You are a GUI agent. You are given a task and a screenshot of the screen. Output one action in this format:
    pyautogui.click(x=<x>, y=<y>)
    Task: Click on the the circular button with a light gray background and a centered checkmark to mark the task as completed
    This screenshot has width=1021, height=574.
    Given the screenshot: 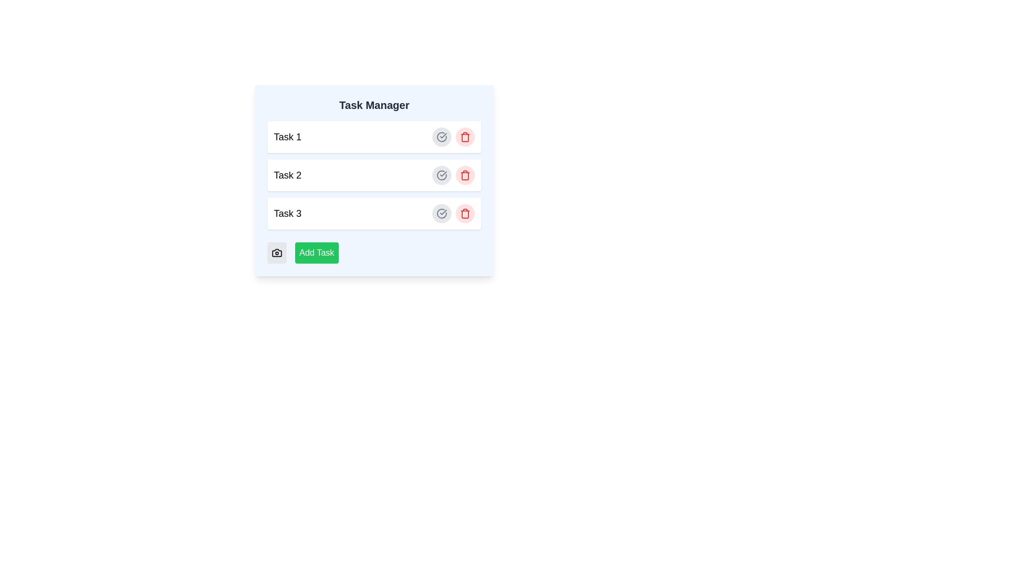 What is the action you would take?
    pyautogui.click(x=441, y=213)
    